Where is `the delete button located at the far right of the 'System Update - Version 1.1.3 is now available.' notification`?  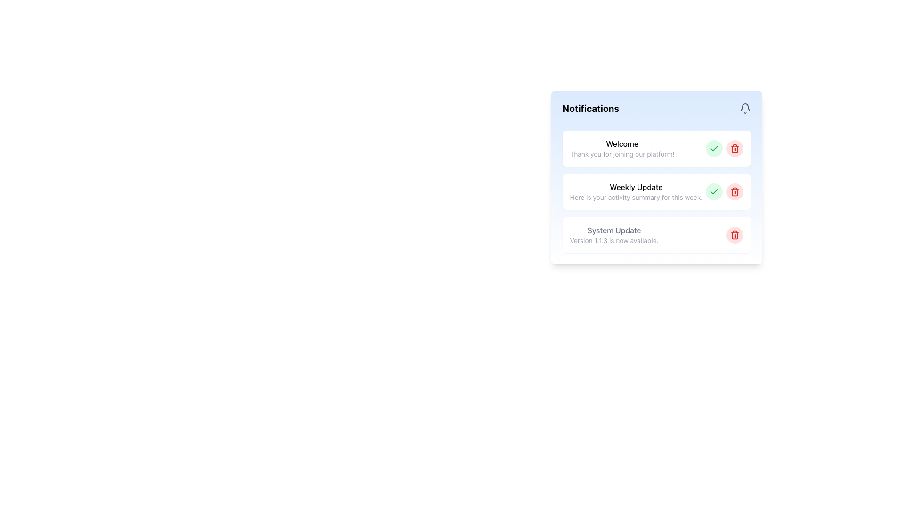 the delete button located at the far right of the 'System Update - Version 1.1.3 is now available.' notification is located at coordinates (734, 235).